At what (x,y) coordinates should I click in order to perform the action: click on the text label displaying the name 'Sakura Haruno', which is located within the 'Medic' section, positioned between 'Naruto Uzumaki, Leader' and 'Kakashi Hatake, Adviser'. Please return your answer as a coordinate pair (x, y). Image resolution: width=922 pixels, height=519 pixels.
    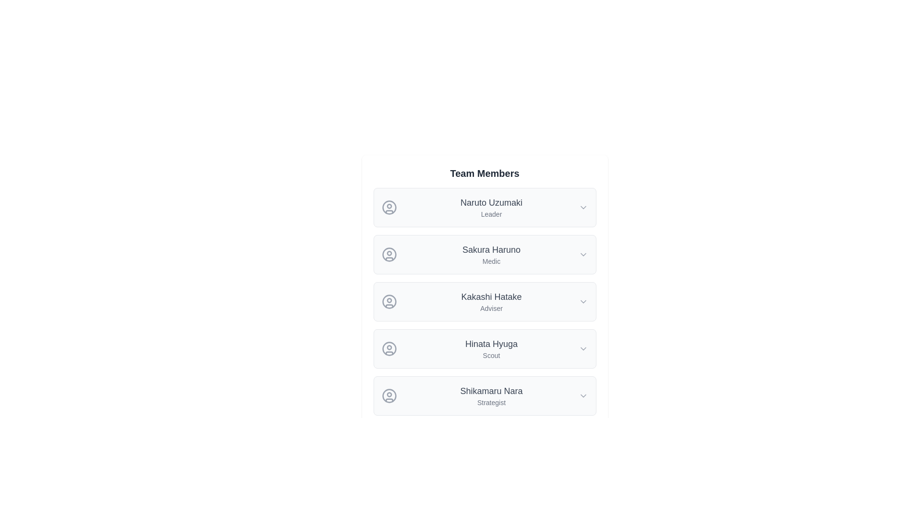
    Looking at the image, I should click on (491, 249).